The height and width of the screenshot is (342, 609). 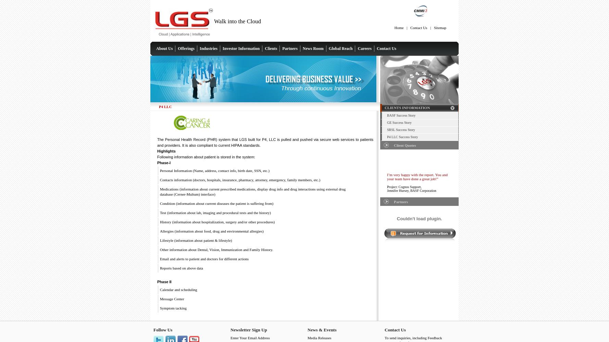 I want to click on 'GE Success Story', so click(x=399, y=122).